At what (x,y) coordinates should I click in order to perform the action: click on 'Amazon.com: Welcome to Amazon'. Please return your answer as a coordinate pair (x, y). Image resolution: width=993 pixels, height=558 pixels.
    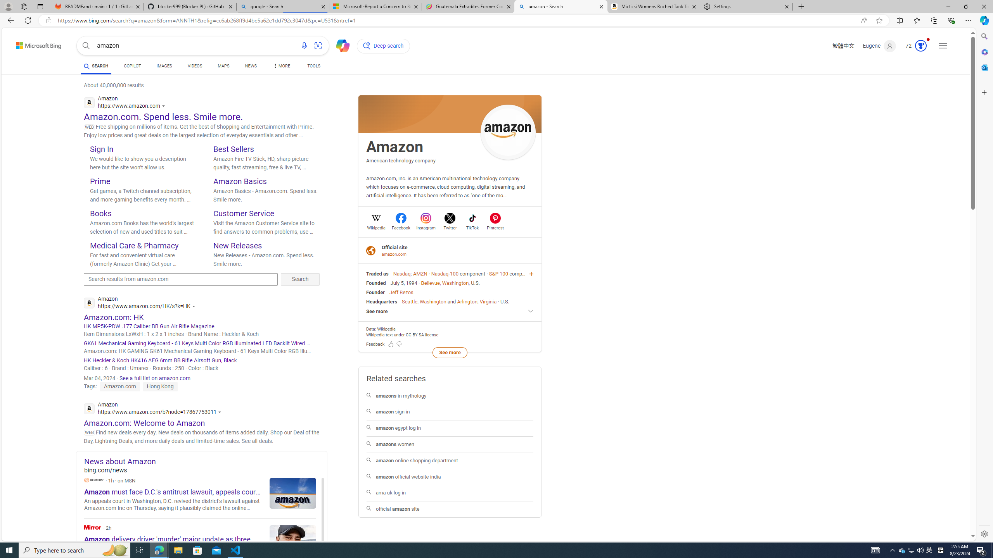
    Looking at the image, I should click on (144, 423).